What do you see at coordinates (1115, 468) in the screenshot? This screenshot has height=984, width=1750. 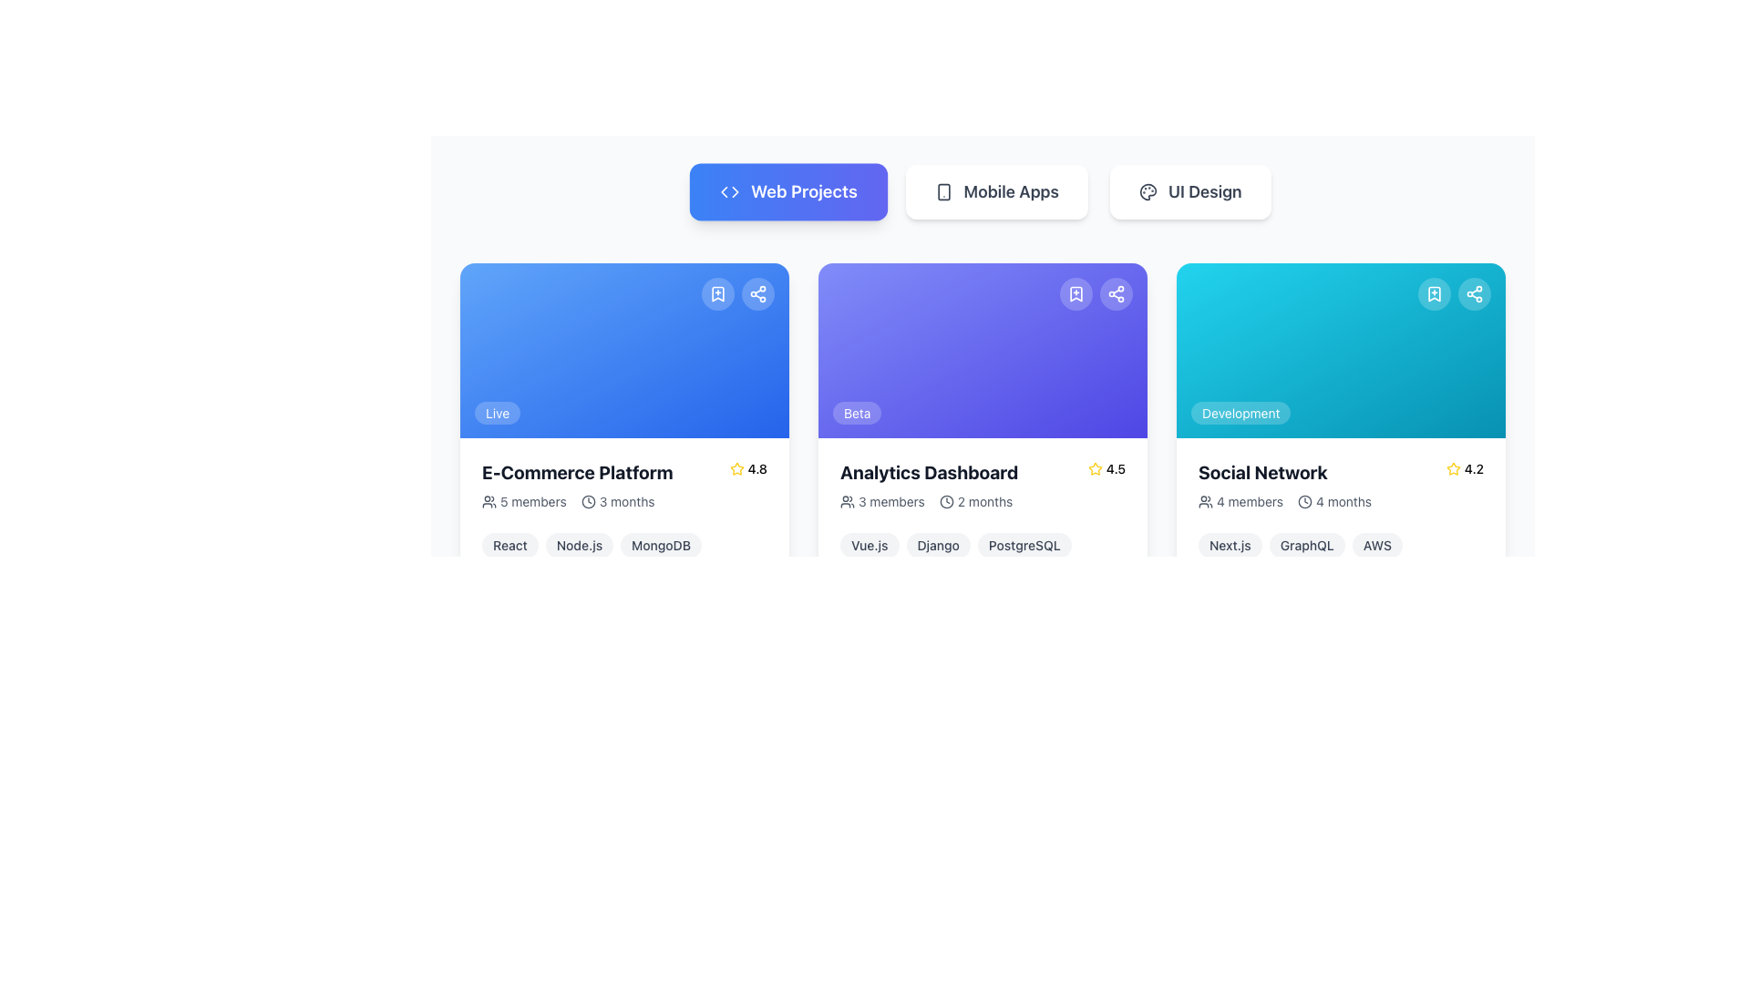 I see `the rating label displaying '4.5' located next to the golden star icon in the 'Analytics Dashboard' card layout` at bounding box center [1115, 468].